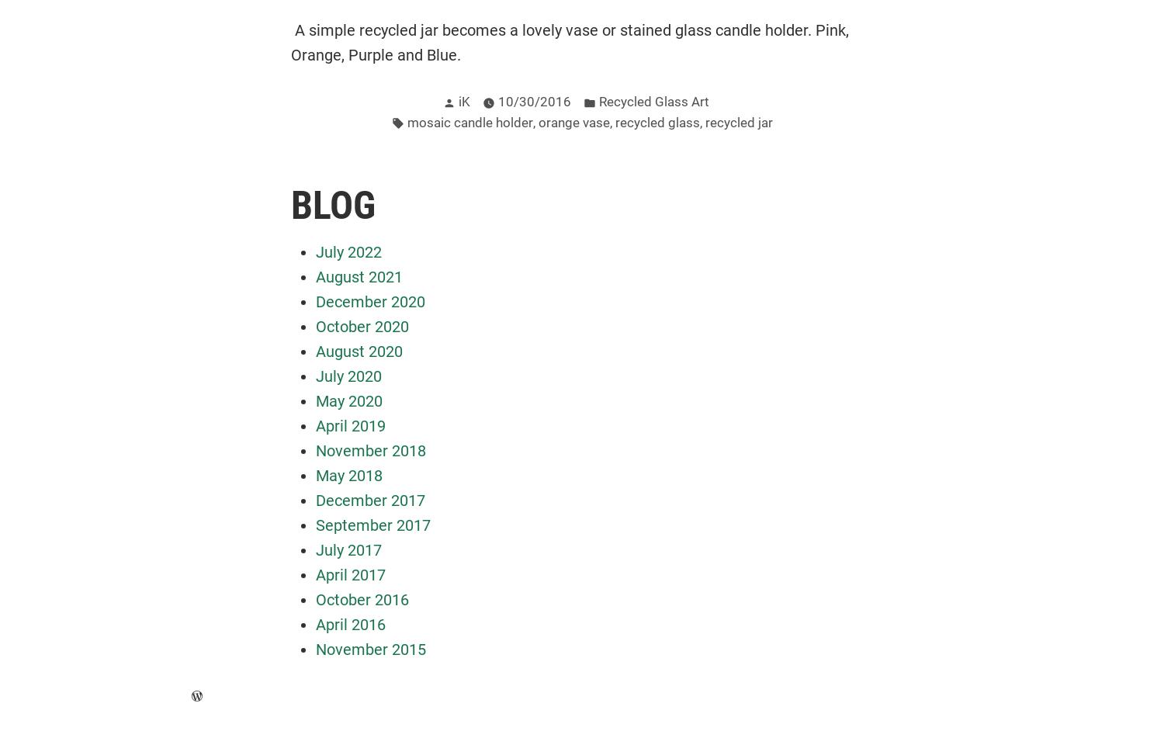 The image size is (1164, 731). What do you see at coordinates (348, 375) in the screenshot?
I see `'July 2020'` at bounding box center [348, 375].